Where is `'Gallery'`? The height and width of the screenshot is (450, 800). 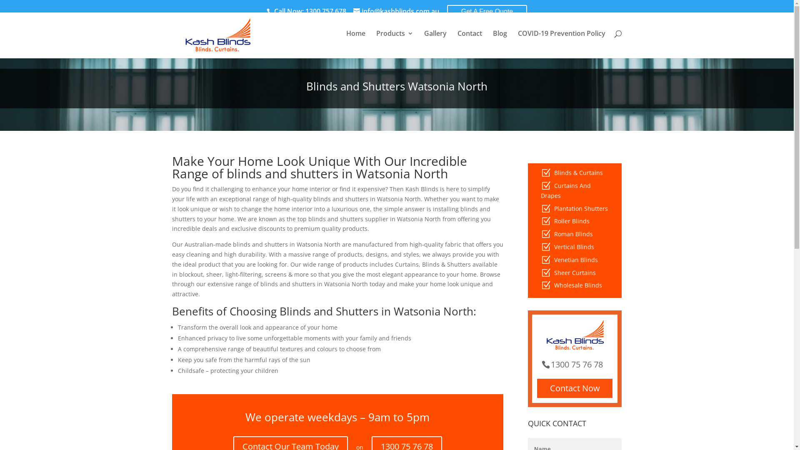 'Gallery' is located at coordinates (435, 40).